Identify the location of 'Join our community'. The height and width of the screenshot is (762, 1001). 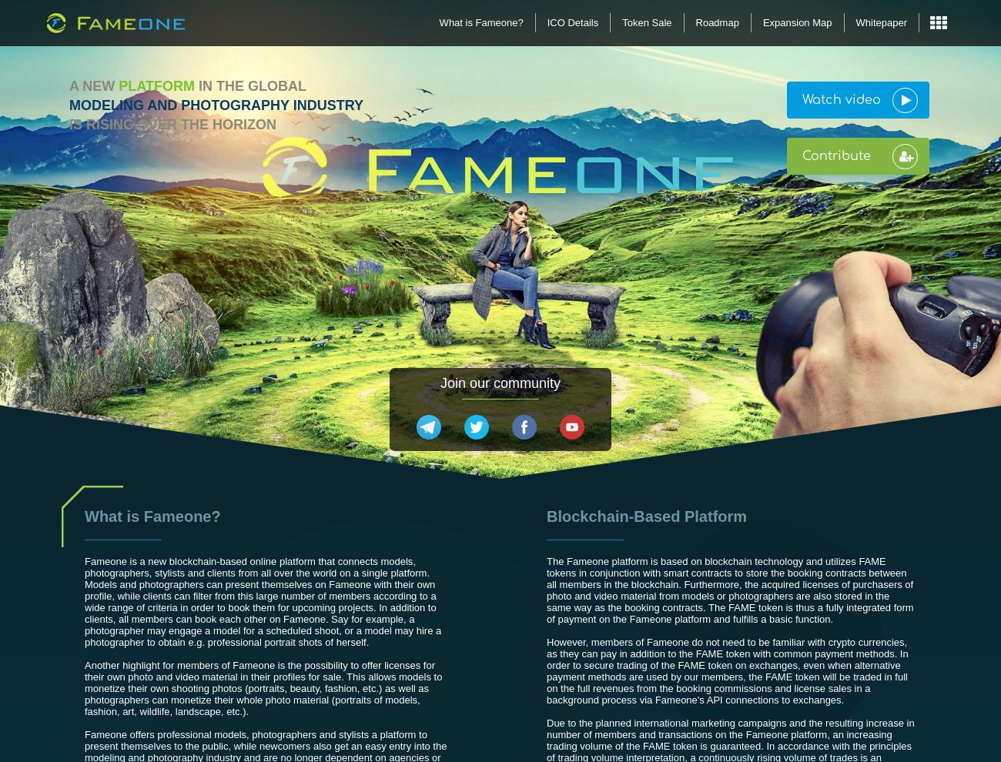
(500, 382).